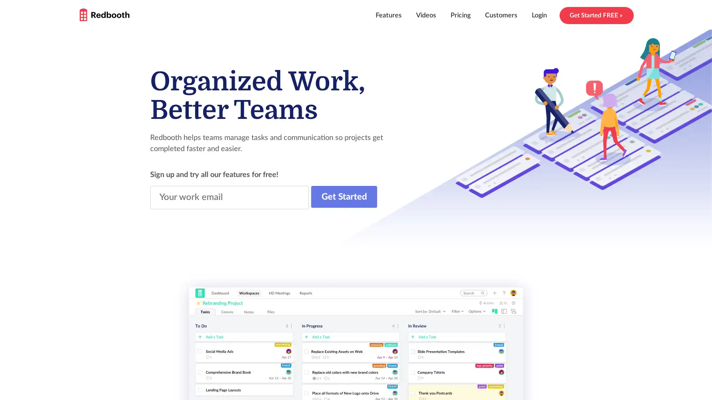 The width and height of the screenshot is (712, 400). What do you see at coordinates (343, 196) in the screenshot?
I see `Get Started` at bounding box center [343, 196].